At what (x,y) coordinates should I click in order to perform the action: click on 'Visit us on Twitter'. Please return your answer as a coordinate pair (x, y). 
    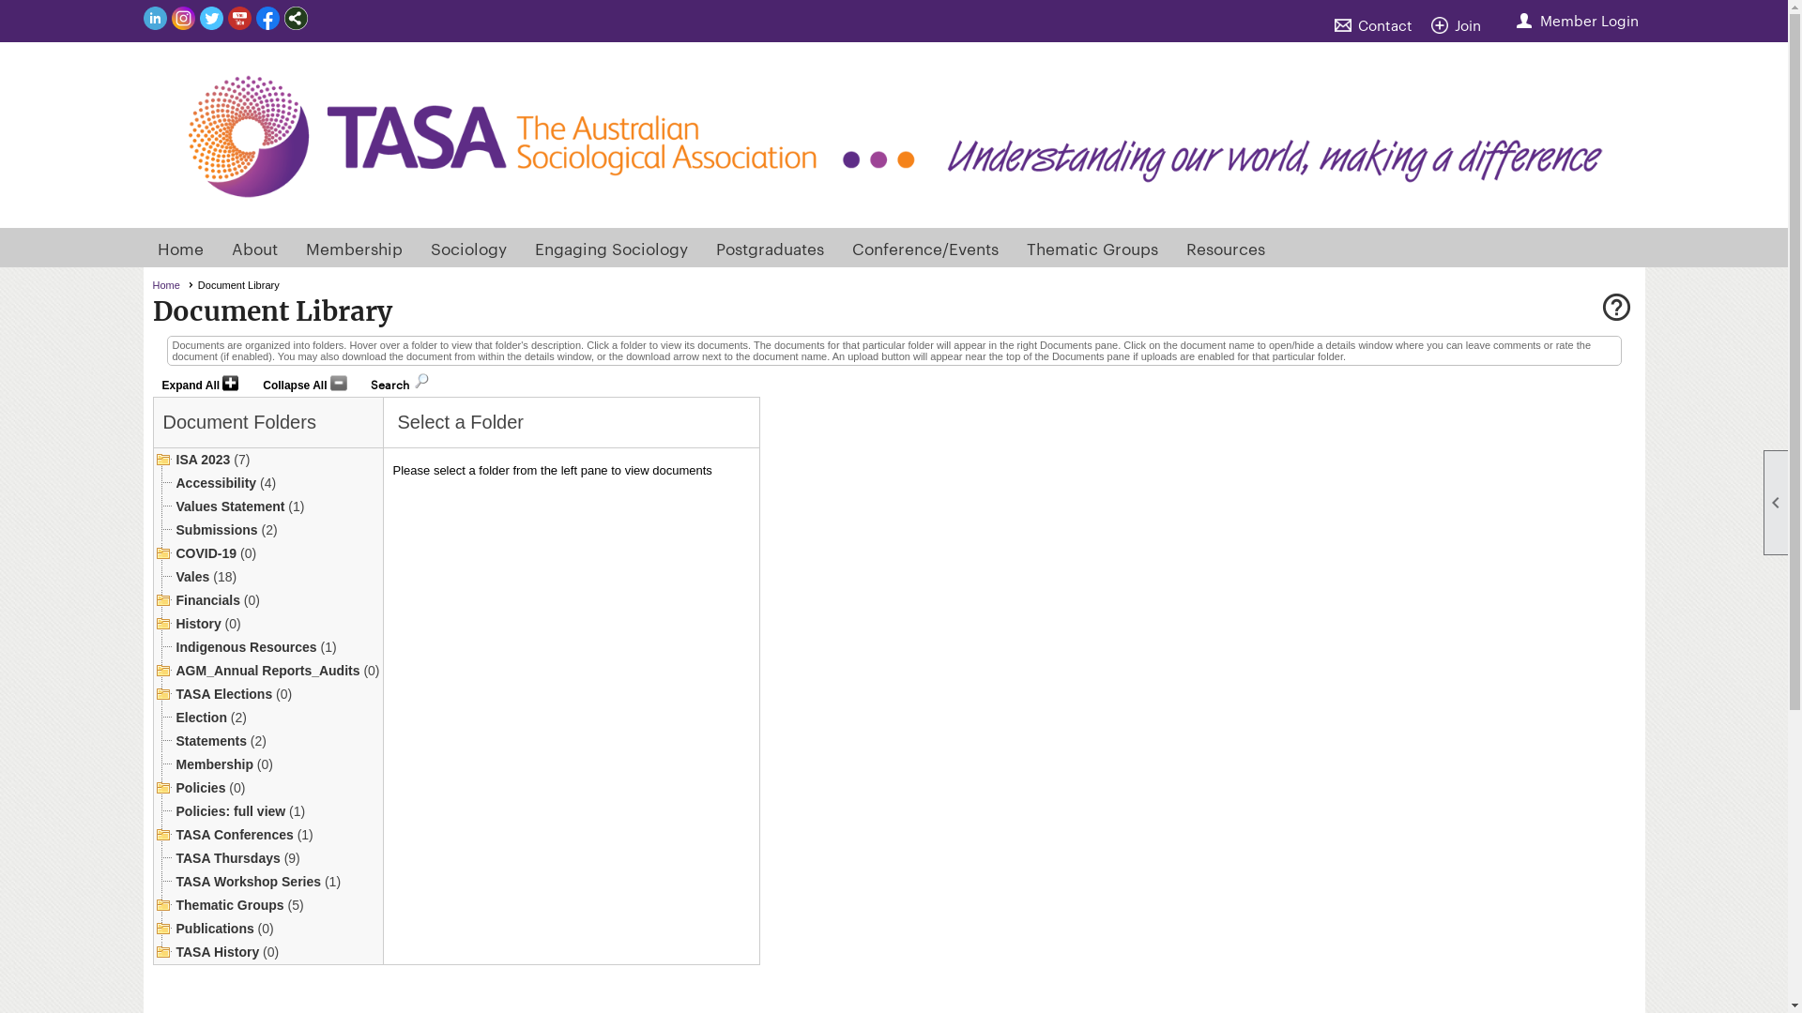
    Looking at the image, I should click on (210, 19).